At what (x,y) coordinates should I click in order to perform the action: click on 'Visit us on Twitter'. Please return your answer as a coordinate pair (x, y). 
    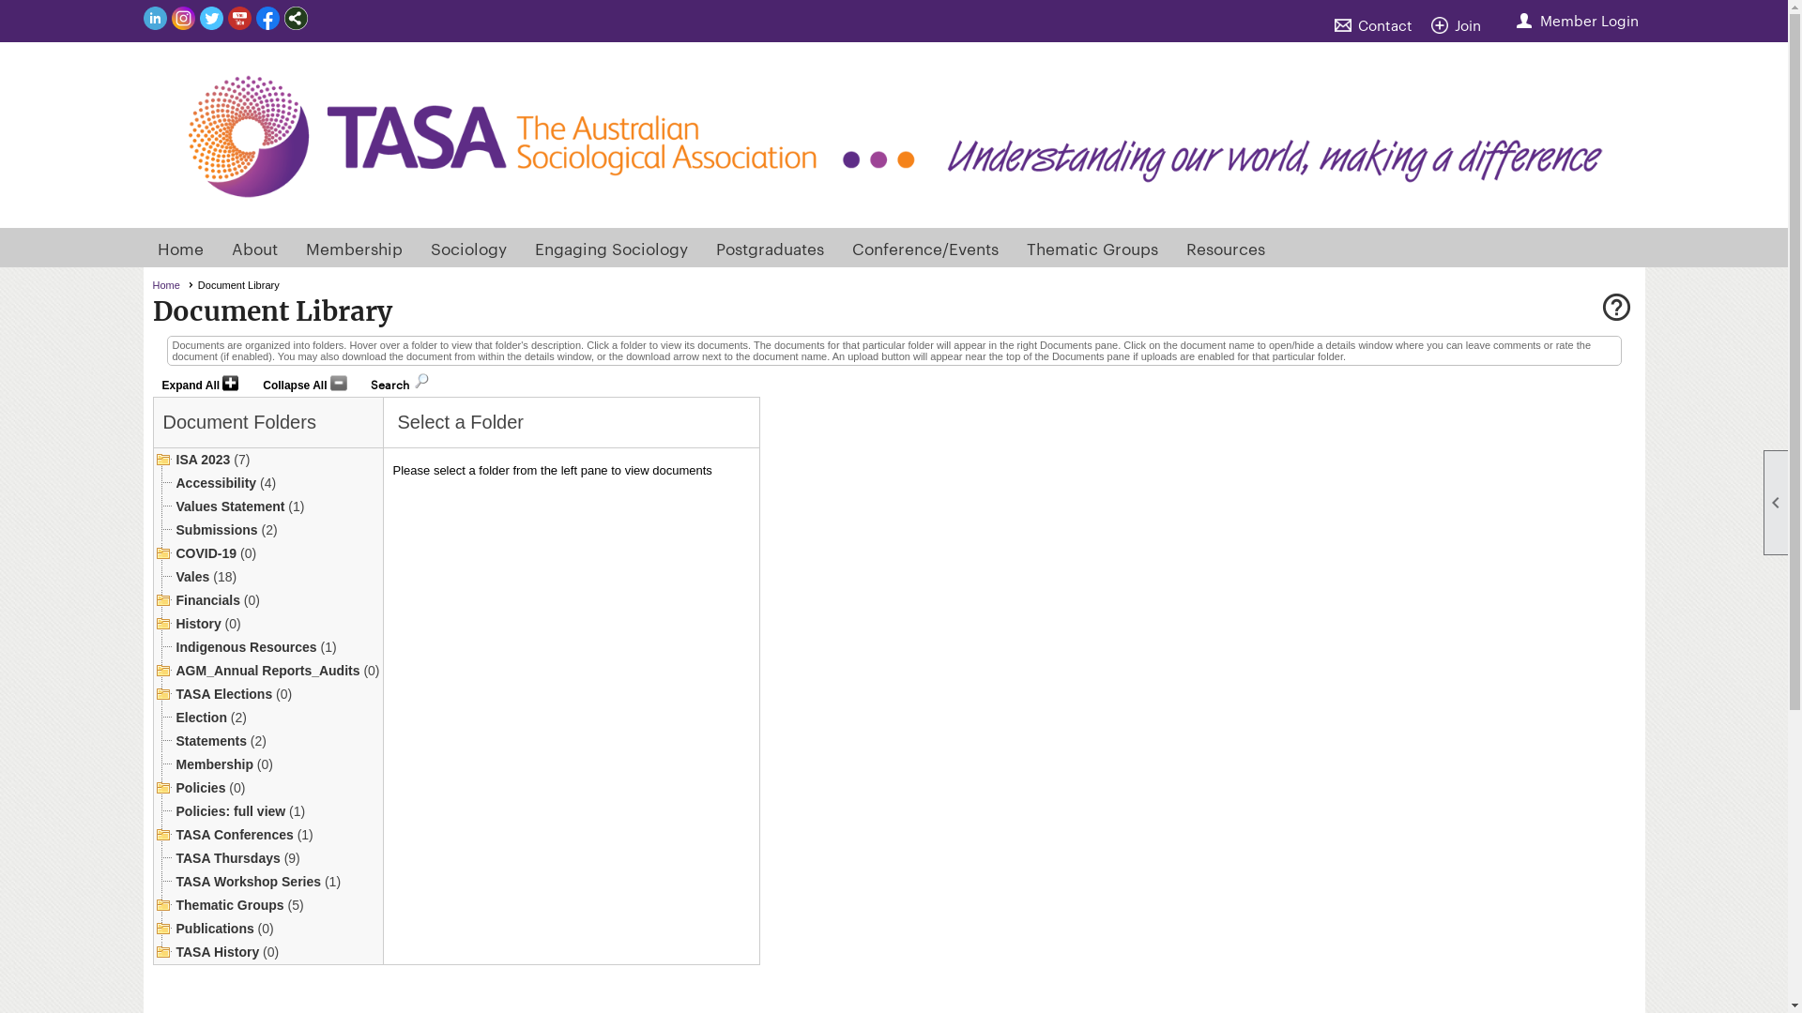
    Looking at the image, I should click on (210, 19).